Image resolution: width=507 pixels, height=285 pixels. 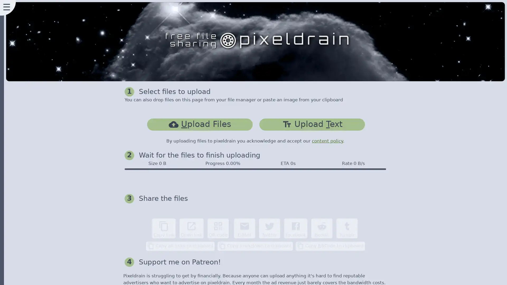 What do you see at coordinates (306, 228) in the screenshot?
I see `Twitter` at bounding box center [306, 228].